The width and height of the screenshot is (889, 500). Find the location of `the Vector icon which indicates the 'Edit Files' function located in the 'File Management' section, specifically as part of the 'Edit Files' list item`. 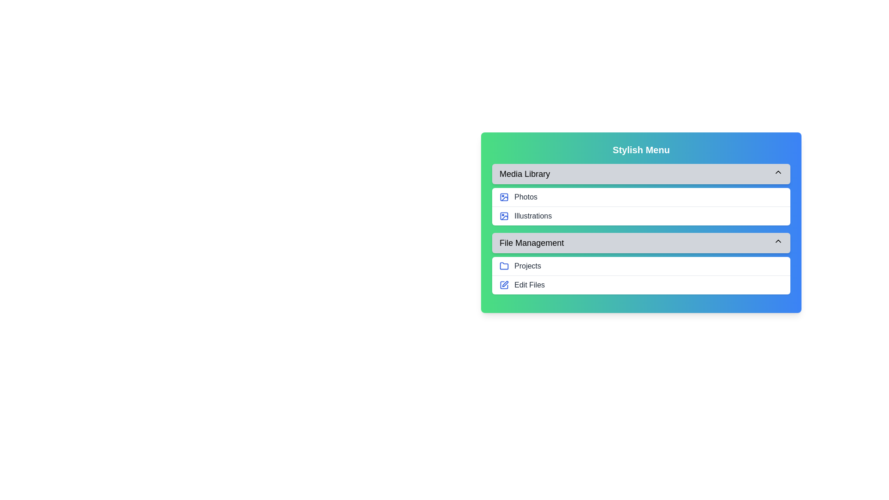

the Vector icon which indicates the 'Edit Files' function located in the 'File Management' section, specifically as part of the 'Edit Files' list item is located at coordinates (505, 283).